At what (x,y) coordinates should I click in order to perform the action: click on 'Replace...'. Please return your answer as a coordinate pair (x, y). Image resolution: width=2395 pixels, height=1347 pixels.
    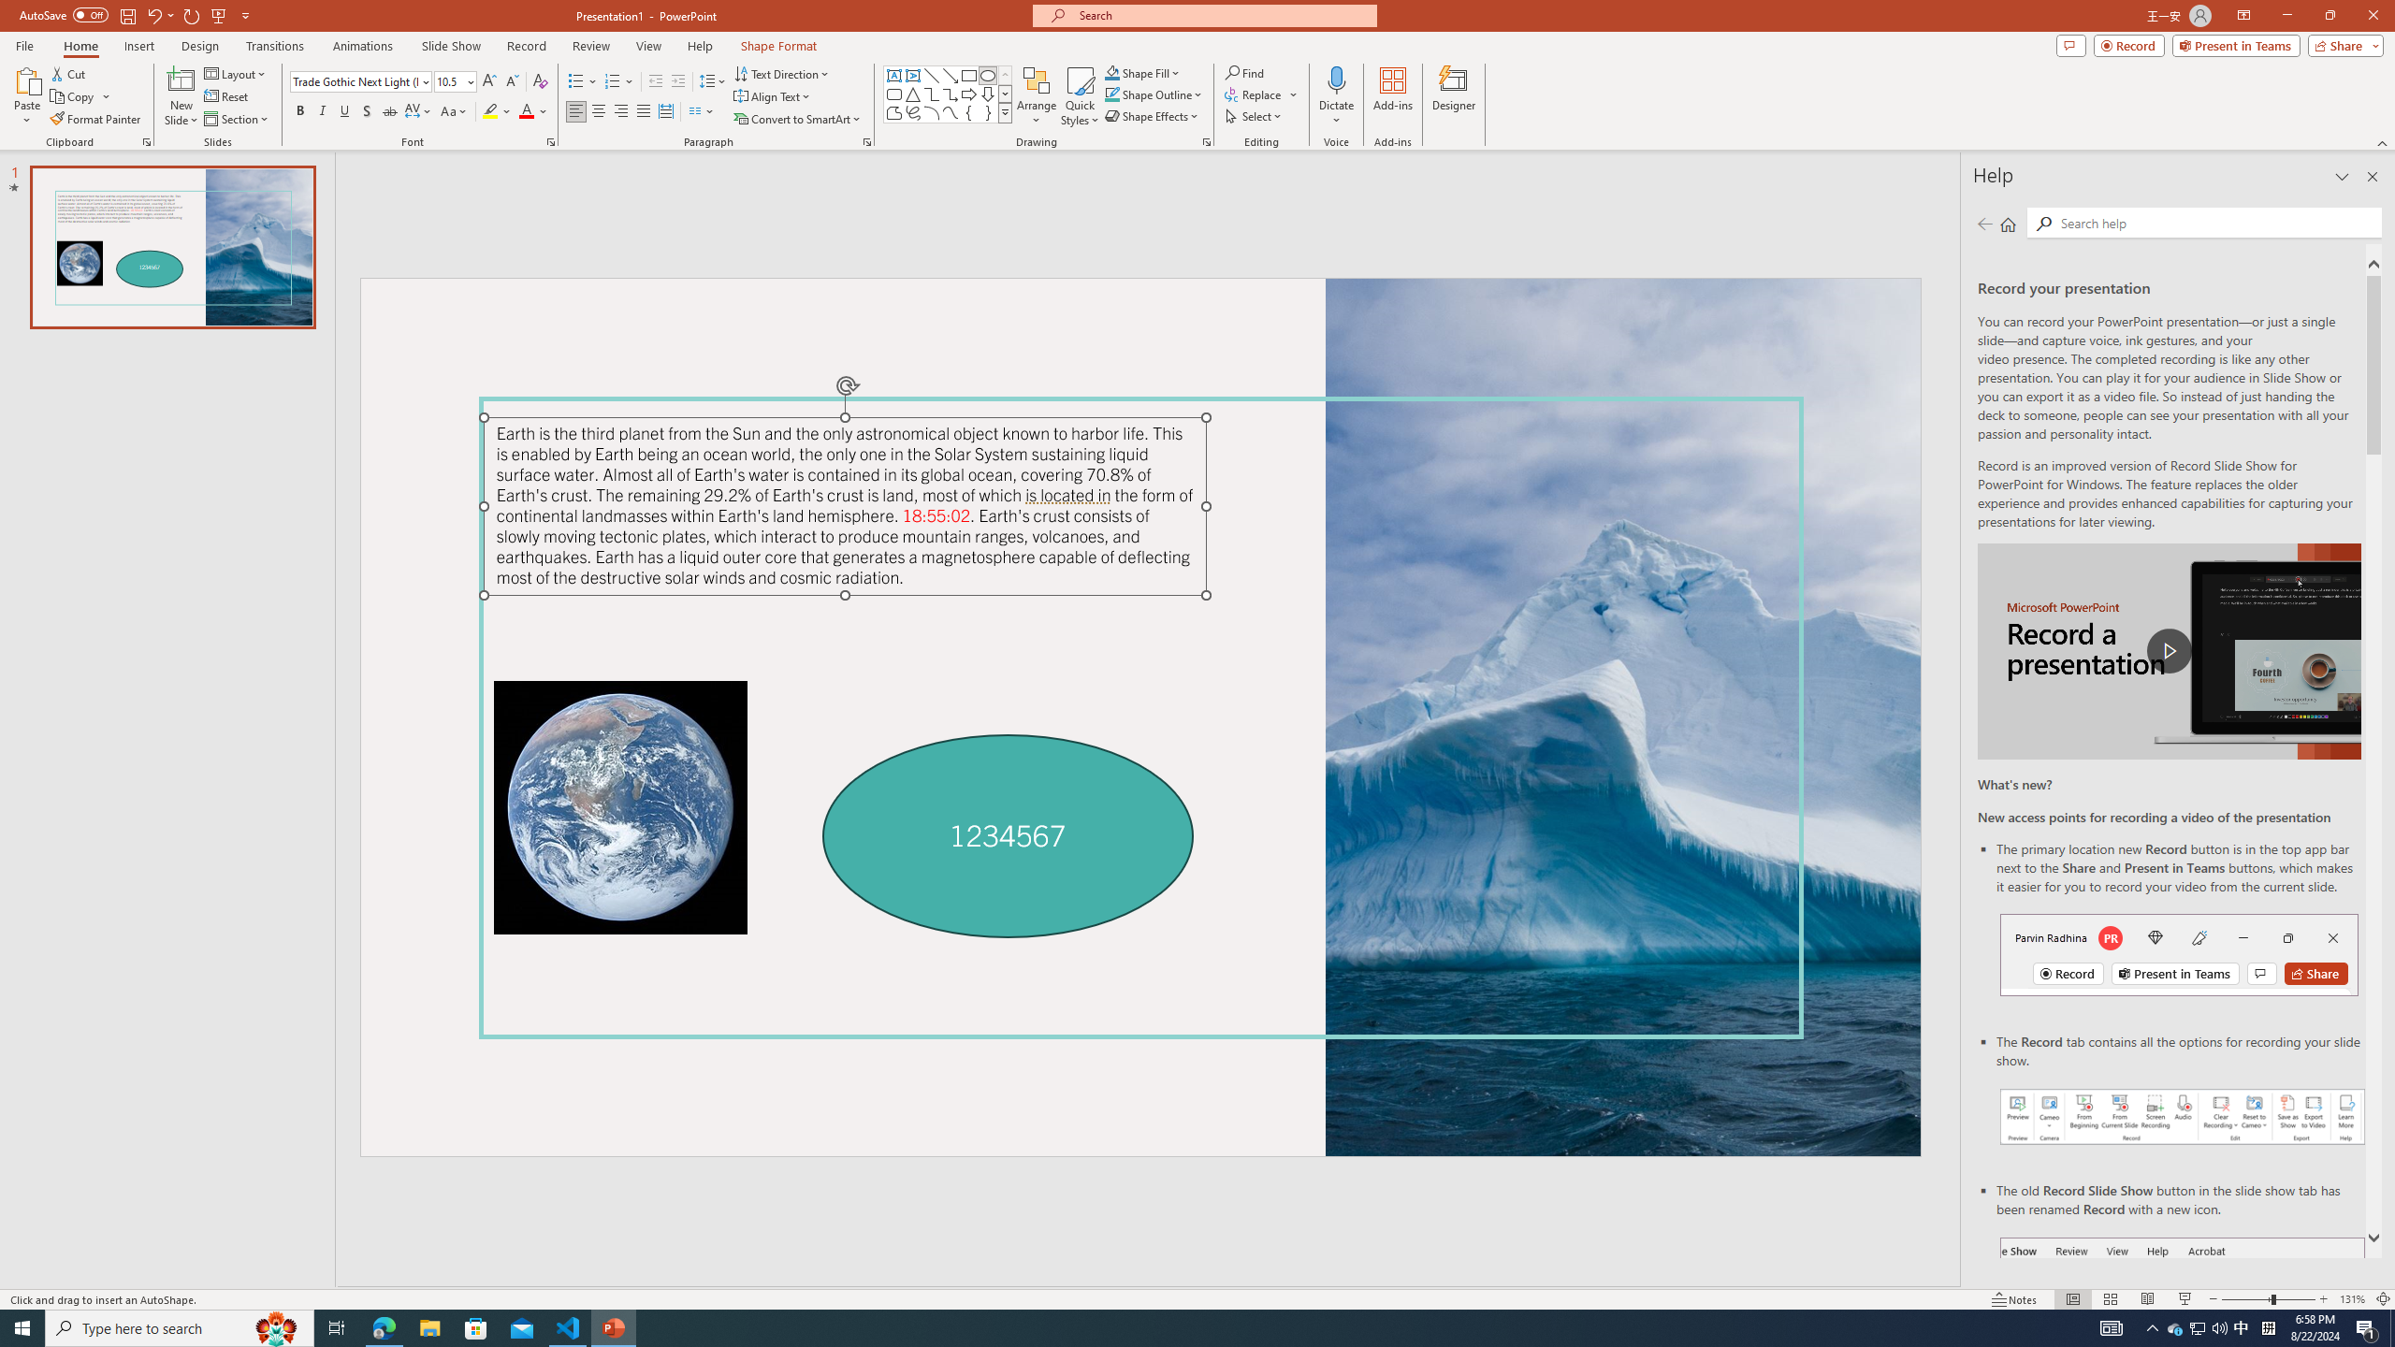
    Looking at the image, I should click on (1262, 93).